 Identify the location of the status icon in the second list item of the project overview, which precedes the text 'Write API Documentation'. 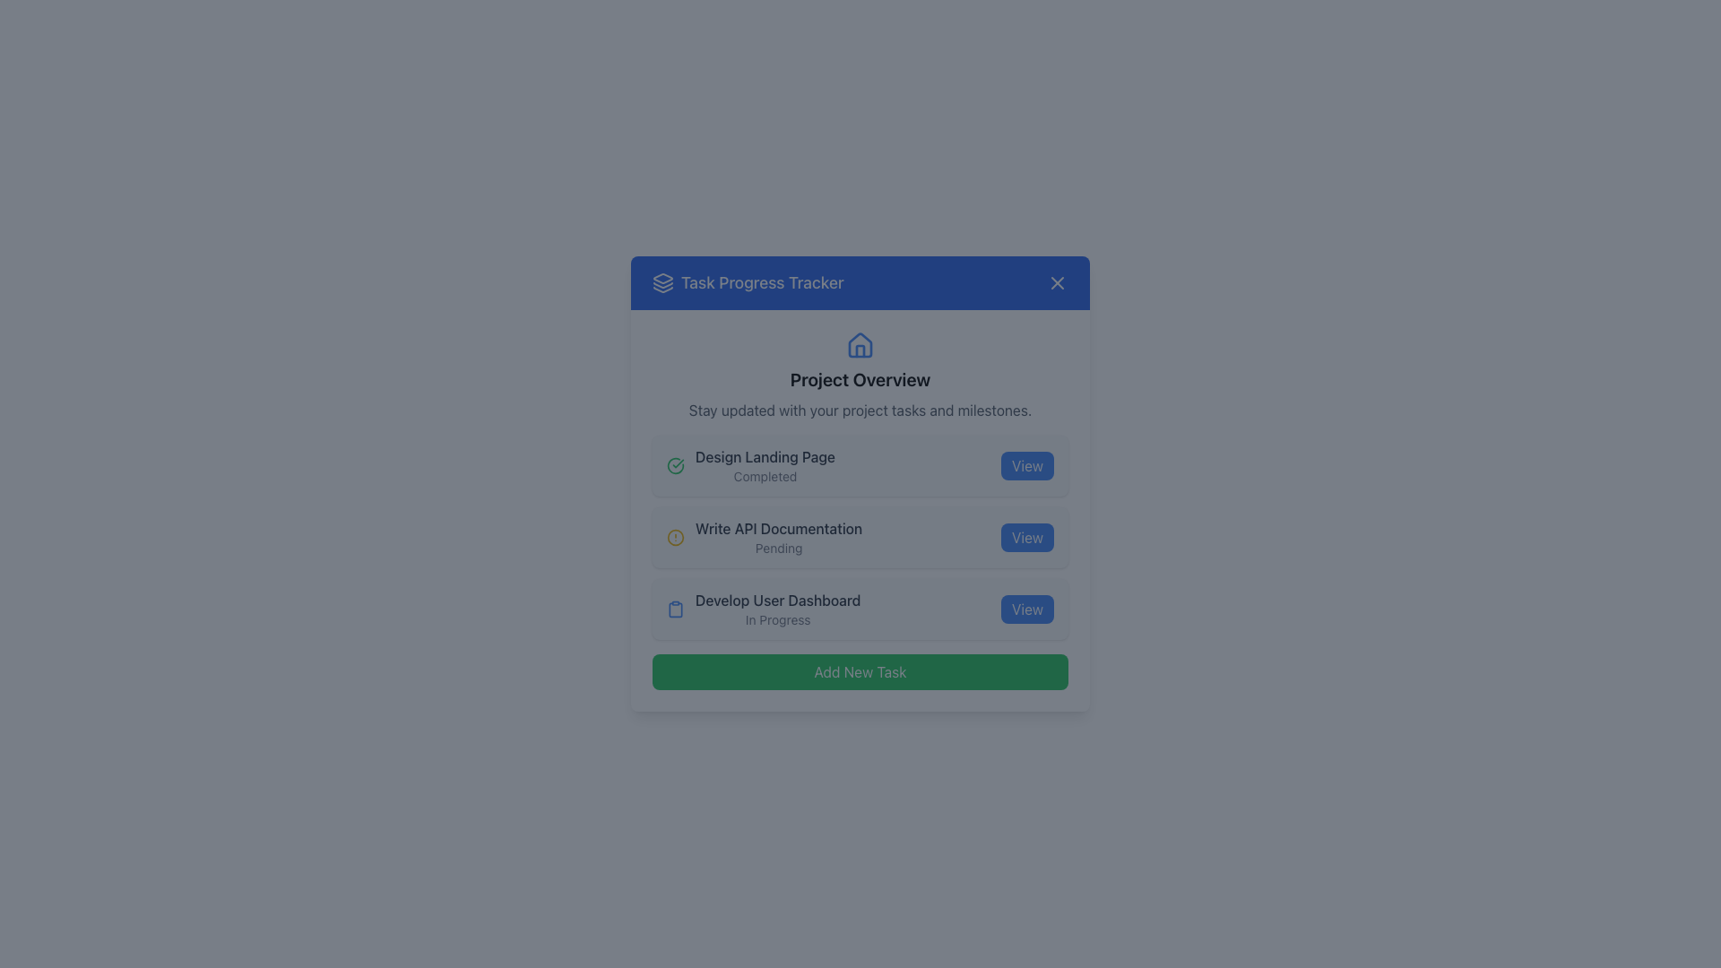
(674, 537).